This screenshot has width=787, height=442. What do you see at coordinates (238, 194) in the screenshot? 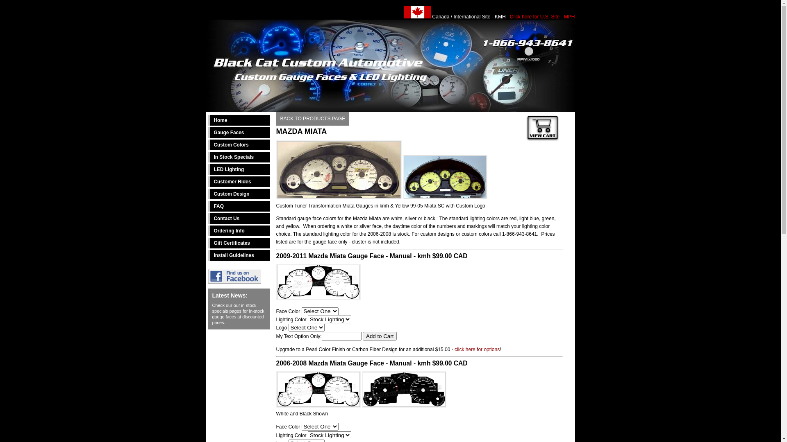
I see `'Custom Design'` at bounding box center [238, 194].